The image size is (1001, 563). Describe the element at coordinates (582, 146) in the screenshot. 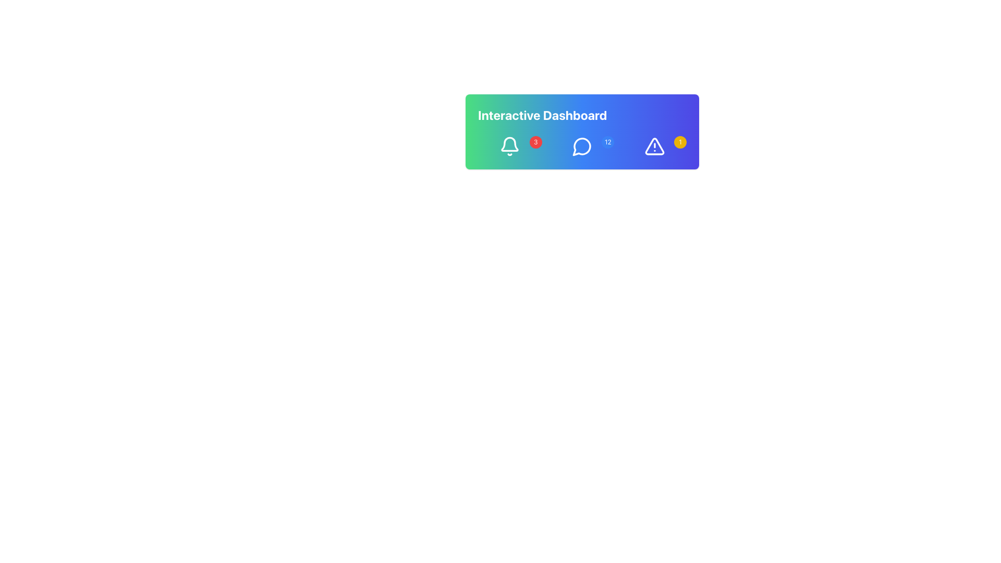

I see `the speech bubble icon located in the header section of the interactive dashboard` at that location.